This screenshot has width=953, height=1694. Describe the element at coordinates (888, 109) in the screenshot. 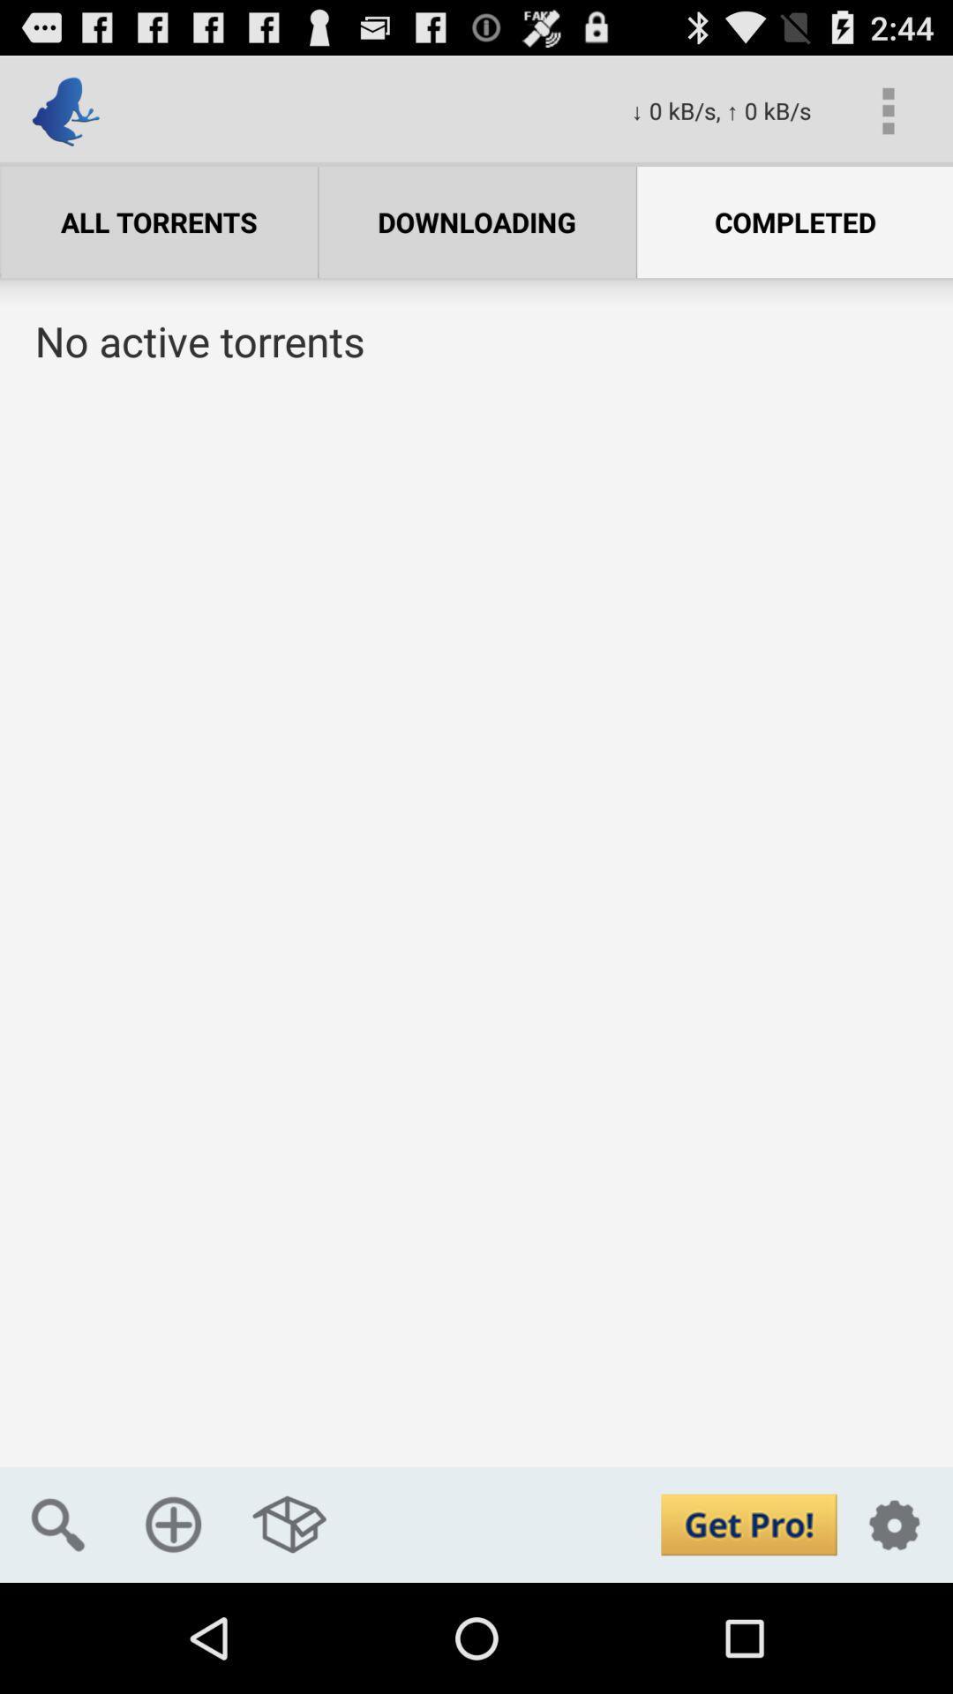

I see `the item next to 0 kb s` at that location.